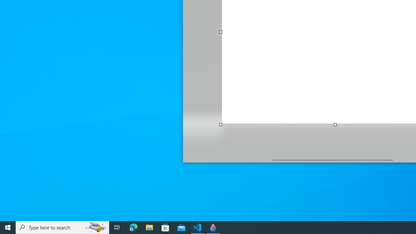 Image resolution: width=416 pixels, height=234 pixels. Describe the element at coordinates (117, 227) in the screenshot. I see `'Task View'` at that location.